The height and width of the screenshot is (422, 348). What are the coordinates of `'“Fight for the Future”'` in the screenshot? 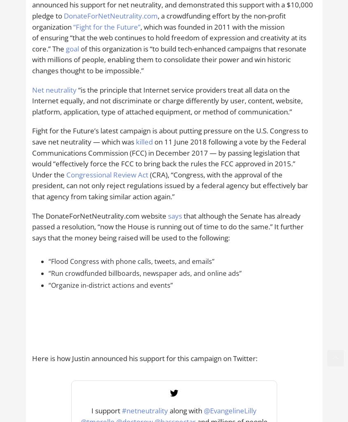 It's located at (106, 26).